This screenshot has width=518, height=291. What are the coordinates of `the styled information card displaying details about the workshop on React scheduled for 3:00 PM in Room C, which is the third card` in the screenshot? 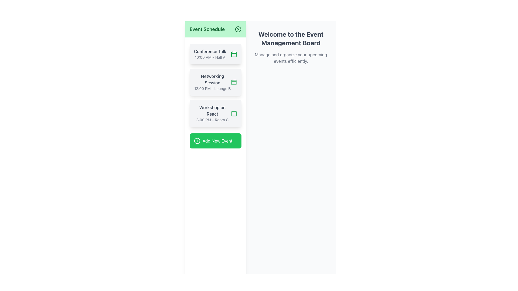 It's located at (215, 113).